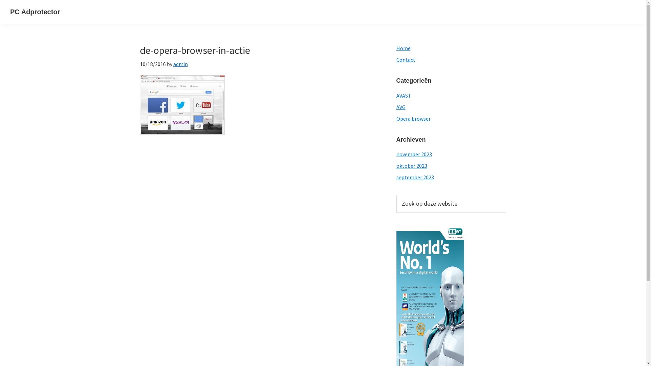 Image resolution: width=651 pixels, height=366 pixels. What do you see at coordinates (35, 12) in the screenshot?
I see `'PC Adprotector'` at bounding box center [35, 12].